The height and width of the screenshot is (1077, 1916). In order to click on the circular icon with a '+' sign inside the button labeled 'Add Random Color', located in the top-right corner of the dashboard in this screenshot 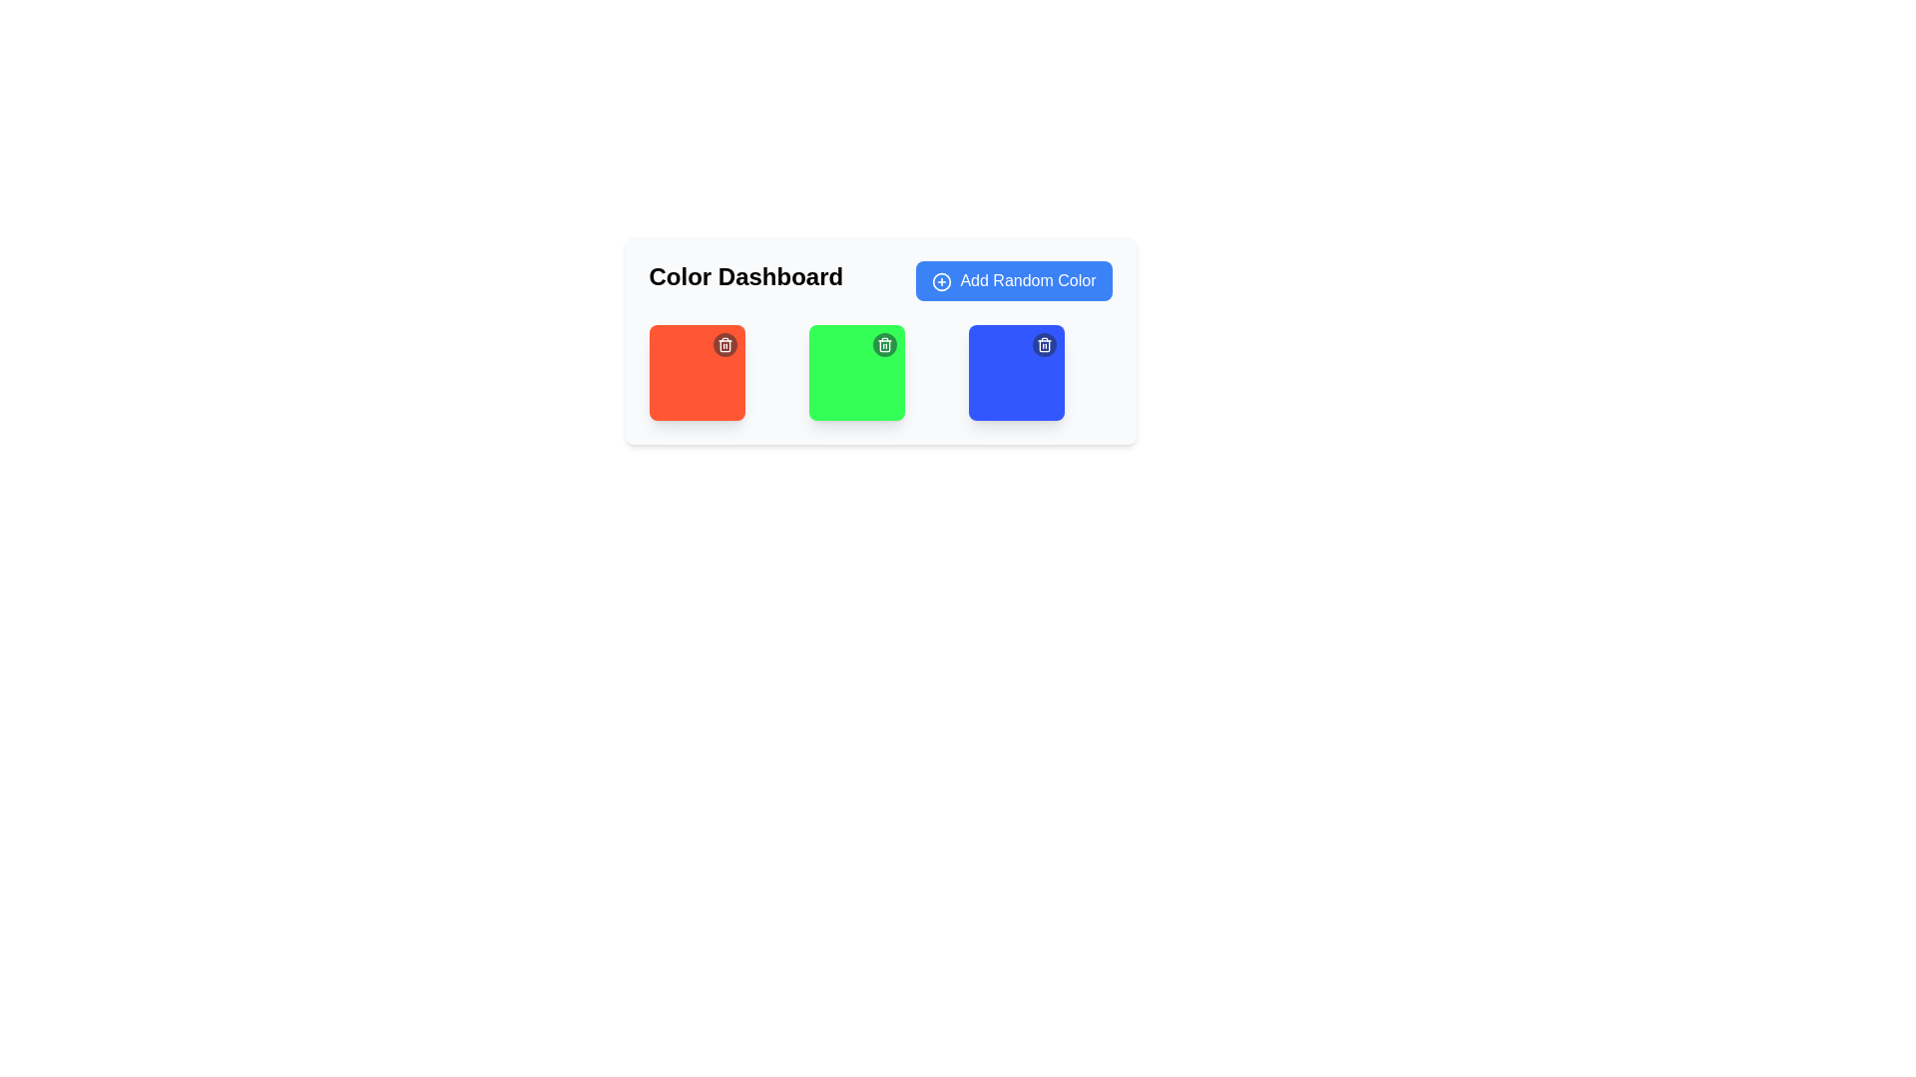, I will do `click(941, 281)`.